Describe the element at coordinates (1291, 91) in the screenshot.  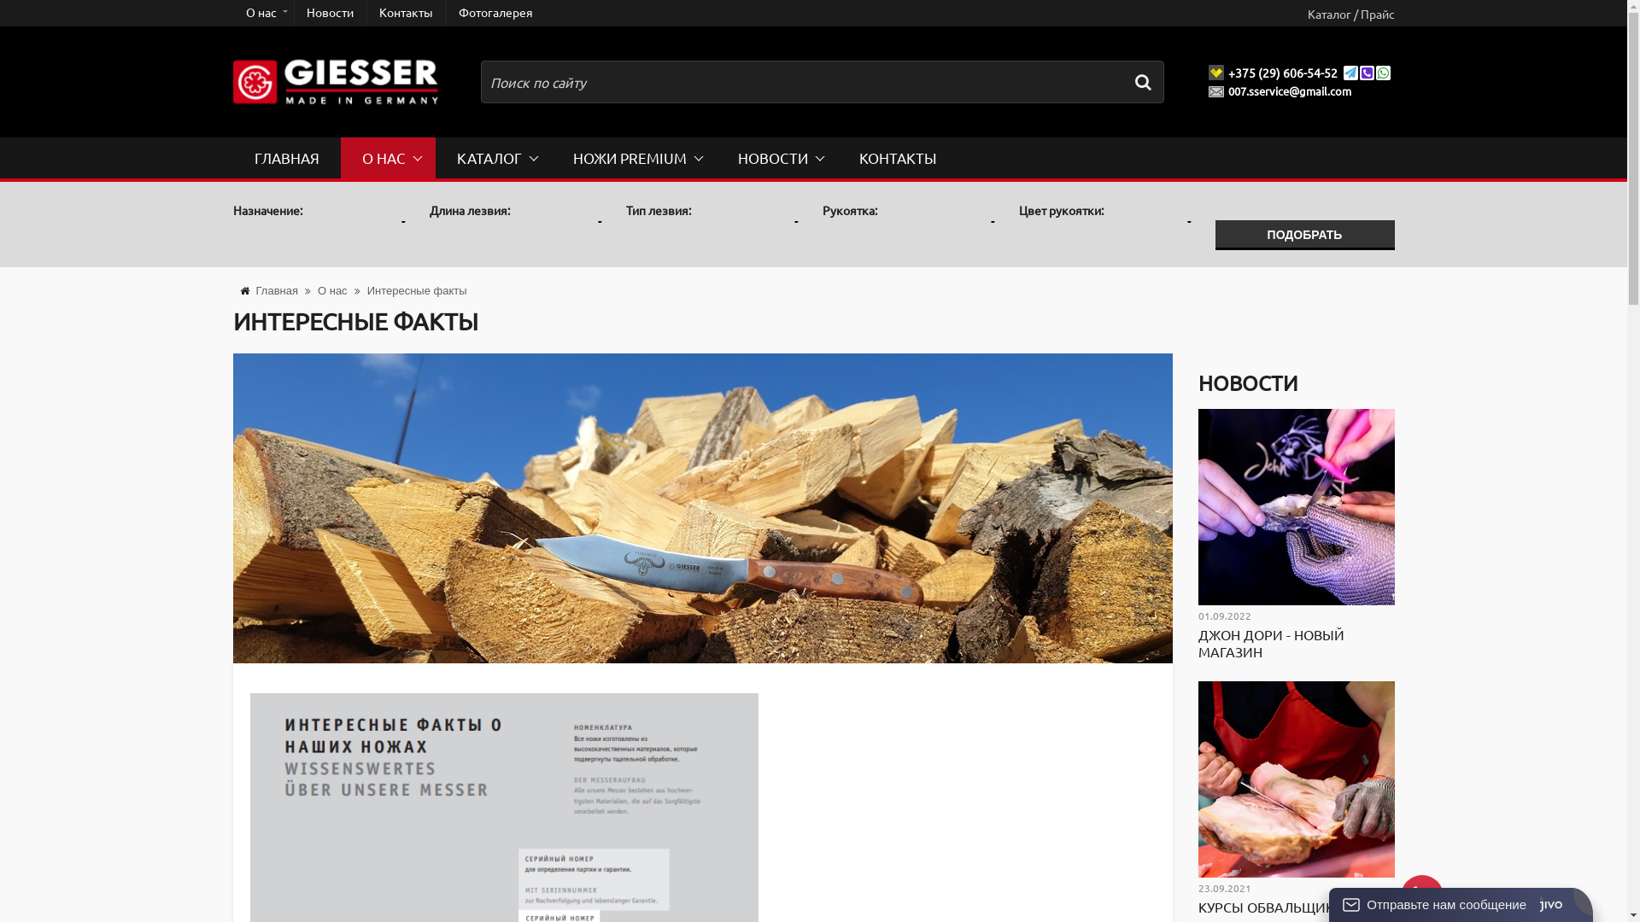
I see `'007.sservice@gmail.com'` at that location.